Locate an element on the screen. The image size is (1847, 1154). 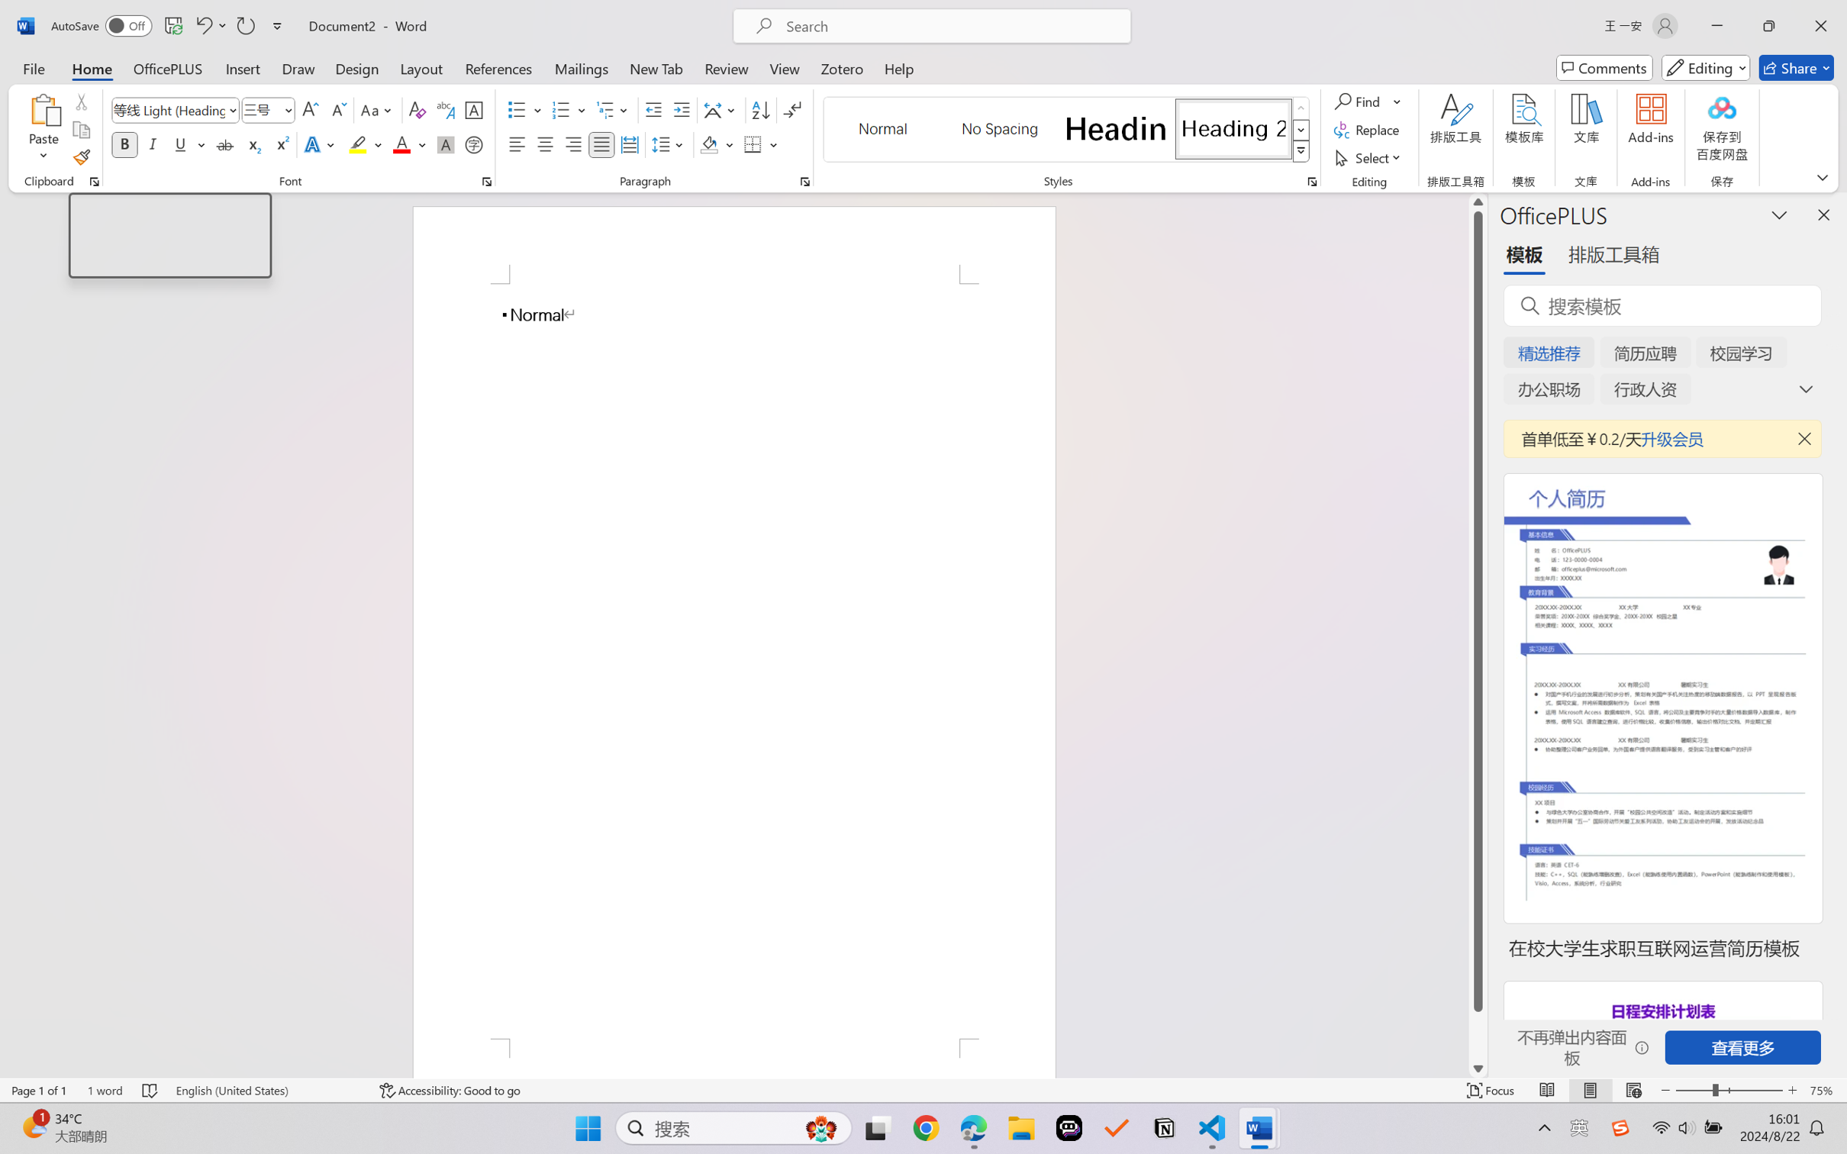
'Layout' is located at coordinates (420, 67).